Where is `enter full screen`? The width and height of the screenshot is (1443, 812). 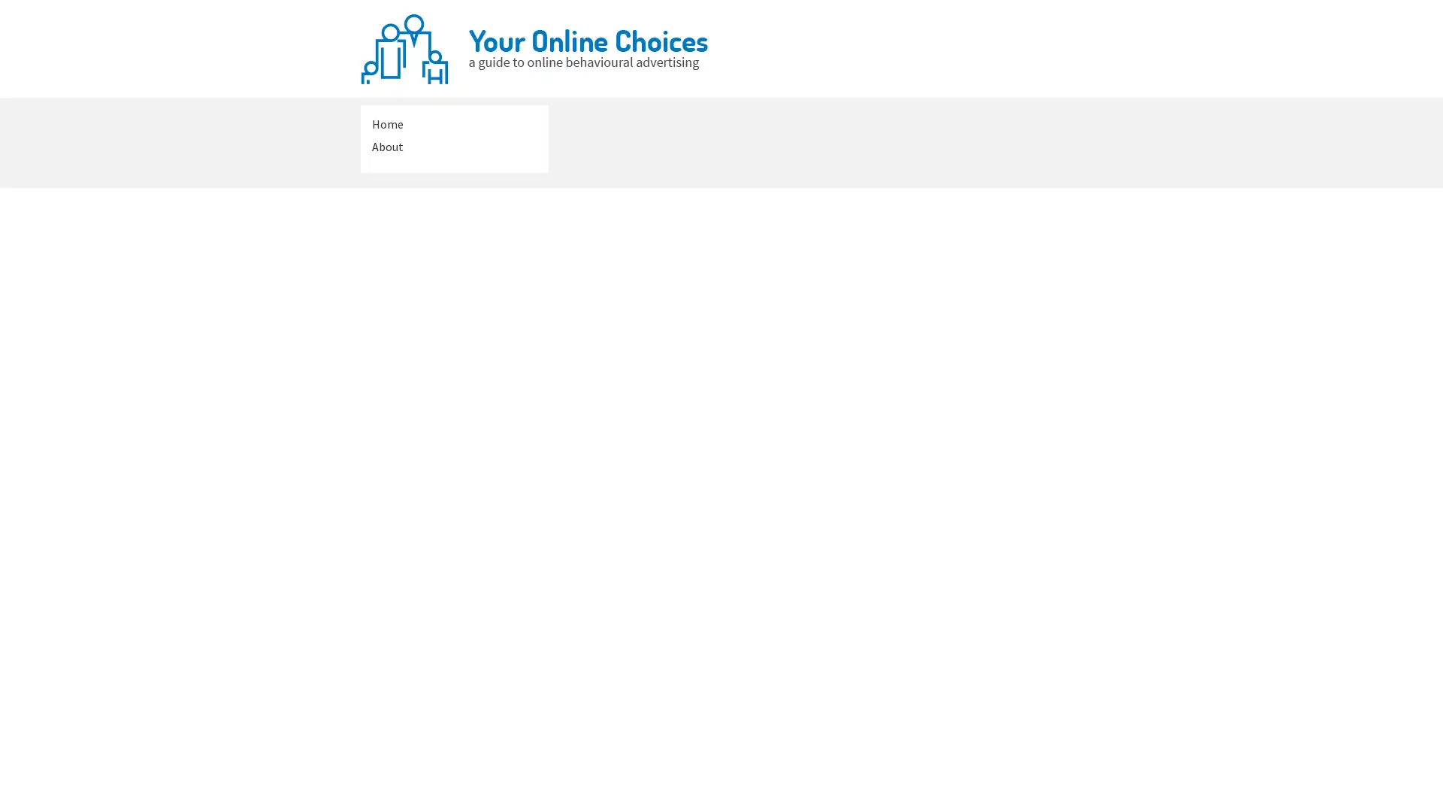
enter full screen is located at coordinates (985, 411).